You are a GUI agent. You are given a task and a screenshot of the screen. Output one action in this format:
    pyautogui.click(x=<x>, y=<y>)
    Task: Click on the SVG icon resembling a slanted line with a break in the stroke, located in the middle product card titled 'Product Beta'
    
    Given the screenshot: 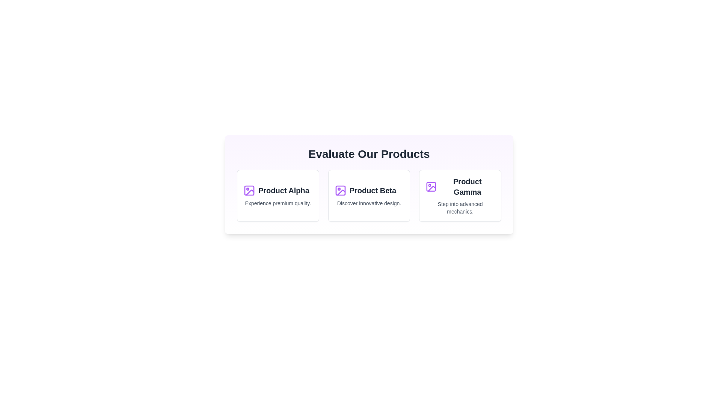 What is the action you would take?
    pyautogui.click(x=341, y=192)
    